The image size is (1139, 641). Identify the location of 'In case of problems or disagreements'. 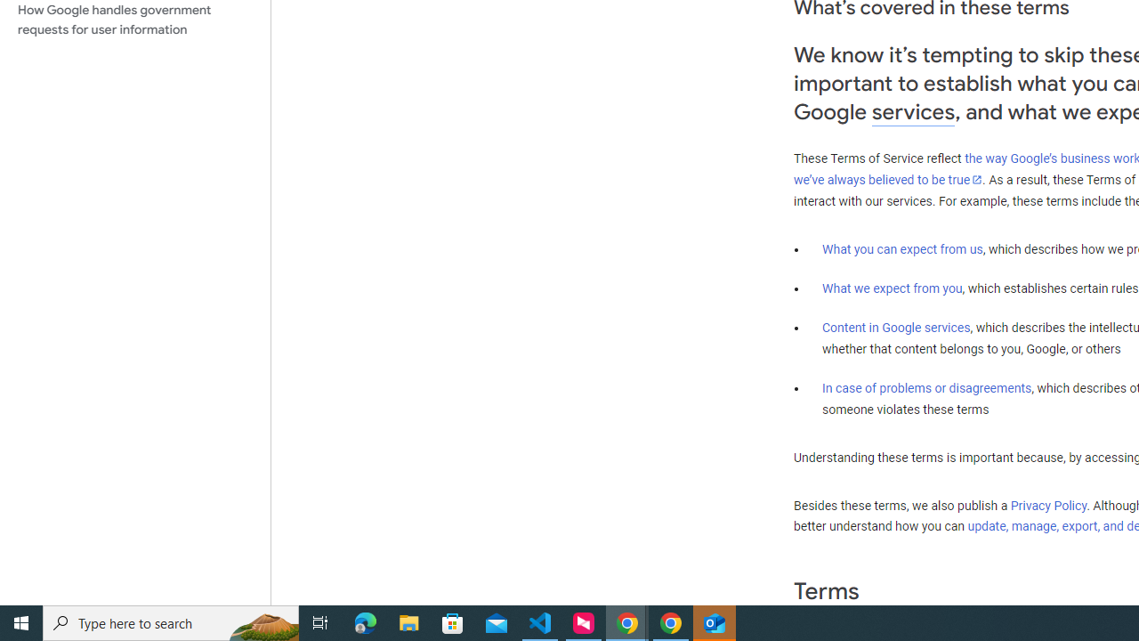
(925, 386).